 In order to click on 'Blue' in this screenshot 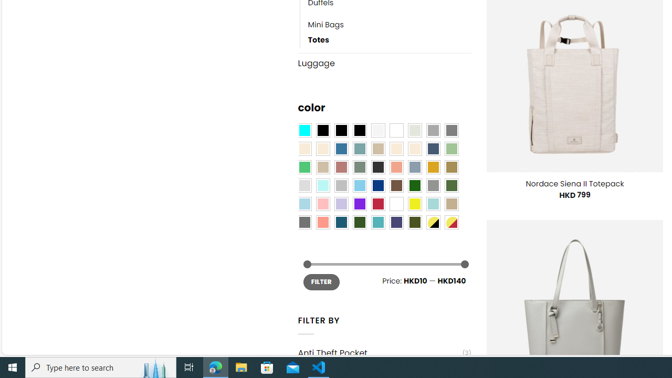, I will do `click(341, 149)`.